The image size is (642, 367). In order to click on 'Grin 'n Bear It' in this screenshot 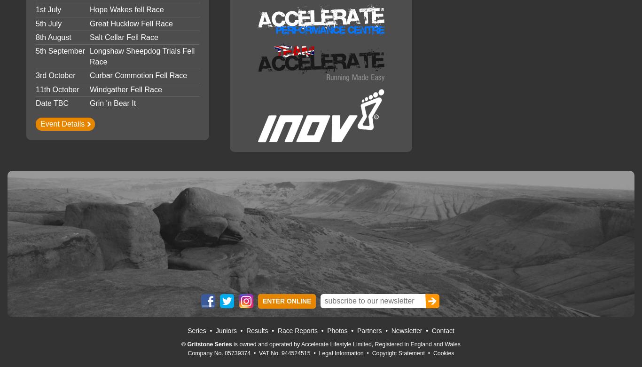, I will do `click(112, 103)`.